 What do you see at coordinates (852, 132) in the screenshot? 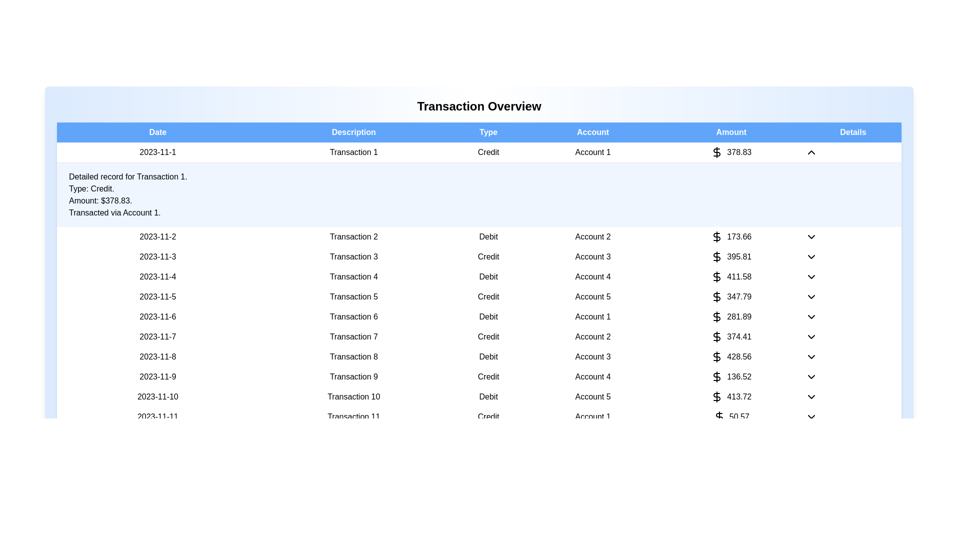
I see `the column header Details to sort or filter the transactions` at bounding box center [852, 132].